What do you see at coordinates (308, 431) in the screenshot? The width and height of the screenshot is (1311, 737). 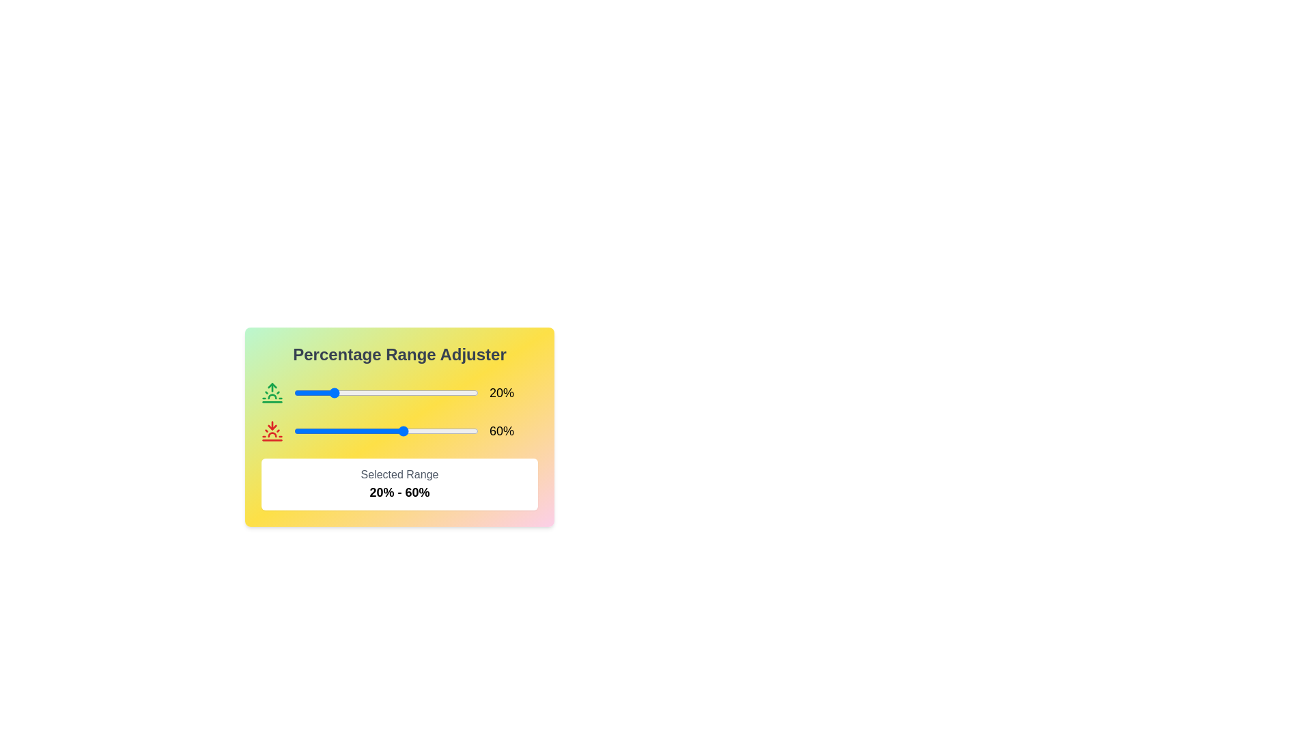 I see `the slider position` at bounding box center [308, 431].